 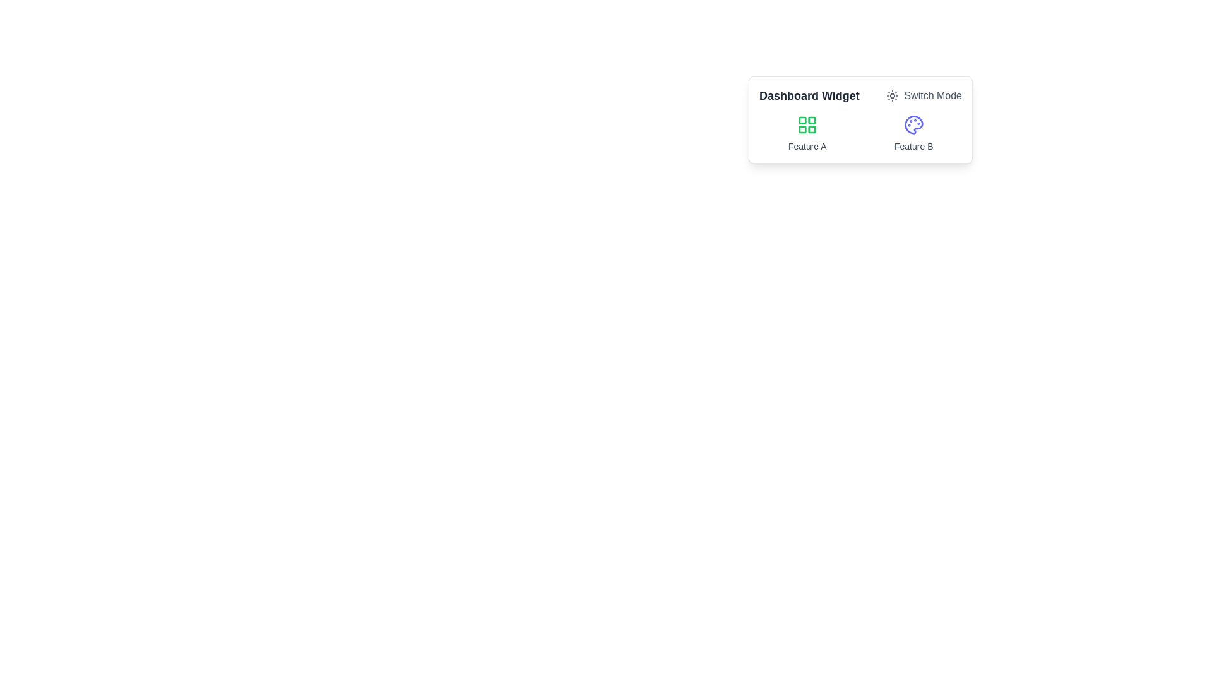 What do you see at coordinates (807, 124) in the screenshot?
I see `the 'Feature A' graphical icon located at the topmost part of the centered column under the 'Dashboard Widget' heading` at bounding box center [807, 124].